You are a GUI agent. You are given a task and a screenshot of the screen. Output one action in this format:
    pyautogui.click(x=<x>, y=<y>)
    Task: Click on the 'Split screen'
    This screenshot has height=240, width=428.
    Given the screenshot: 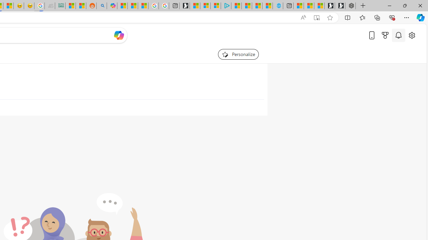 What is the action you would take?
    pyautogui.click(x=348, y=17)
    